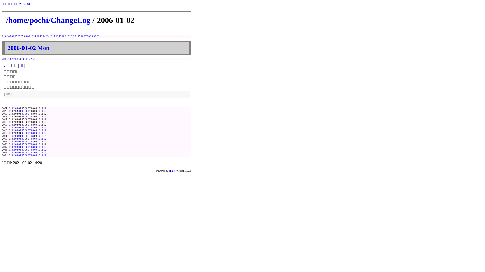 The height and width of the screenshot is (272, 485). What do you see at coordinates (35, 133) in the screenshot?
I see `'09'` at bounding box center [35, 133].